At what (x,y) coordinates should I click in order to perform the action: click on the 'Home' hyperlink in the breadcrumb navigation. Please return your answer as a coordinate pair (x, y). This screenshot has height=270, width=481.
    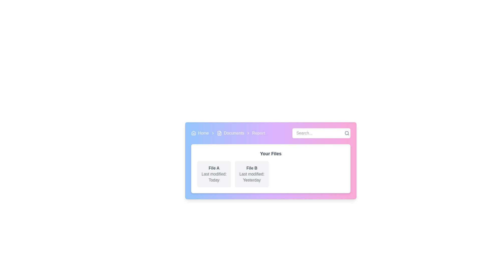
    Looking at the image, I should click on (203, 133).